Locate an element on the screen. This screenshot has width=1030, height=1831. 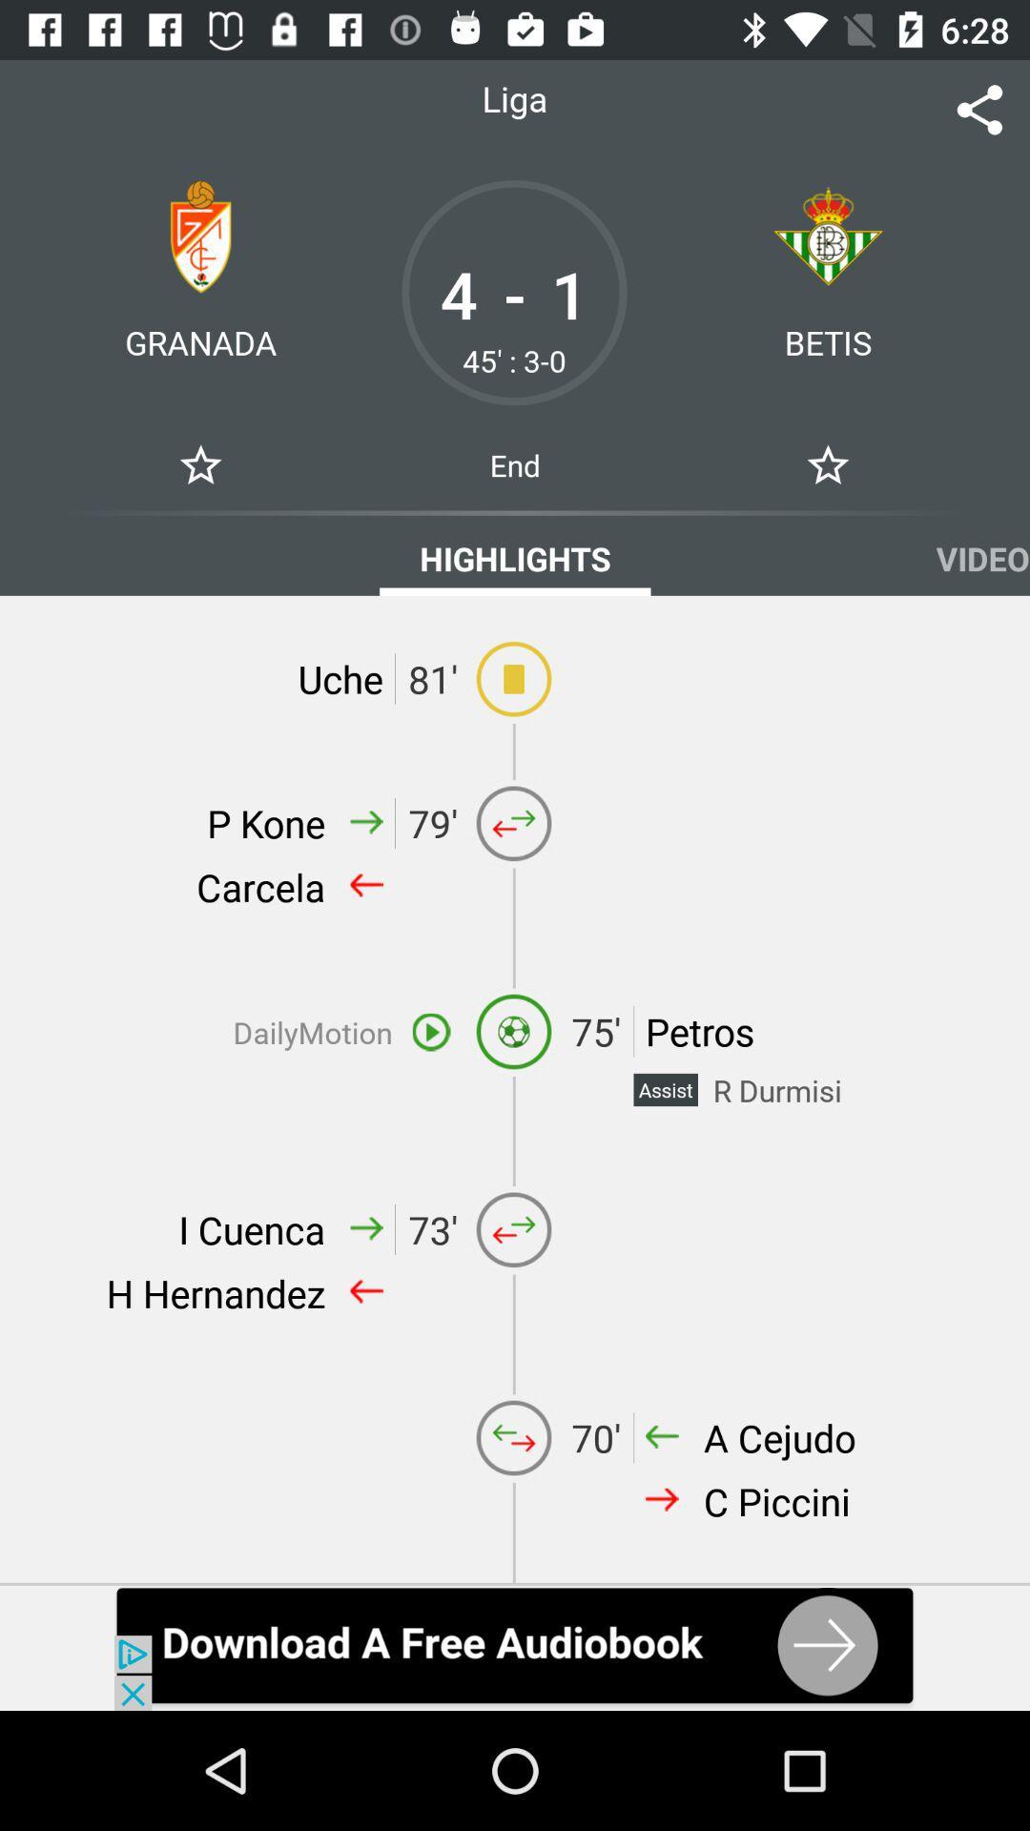
tap to share is located at coordinates (979, 109).